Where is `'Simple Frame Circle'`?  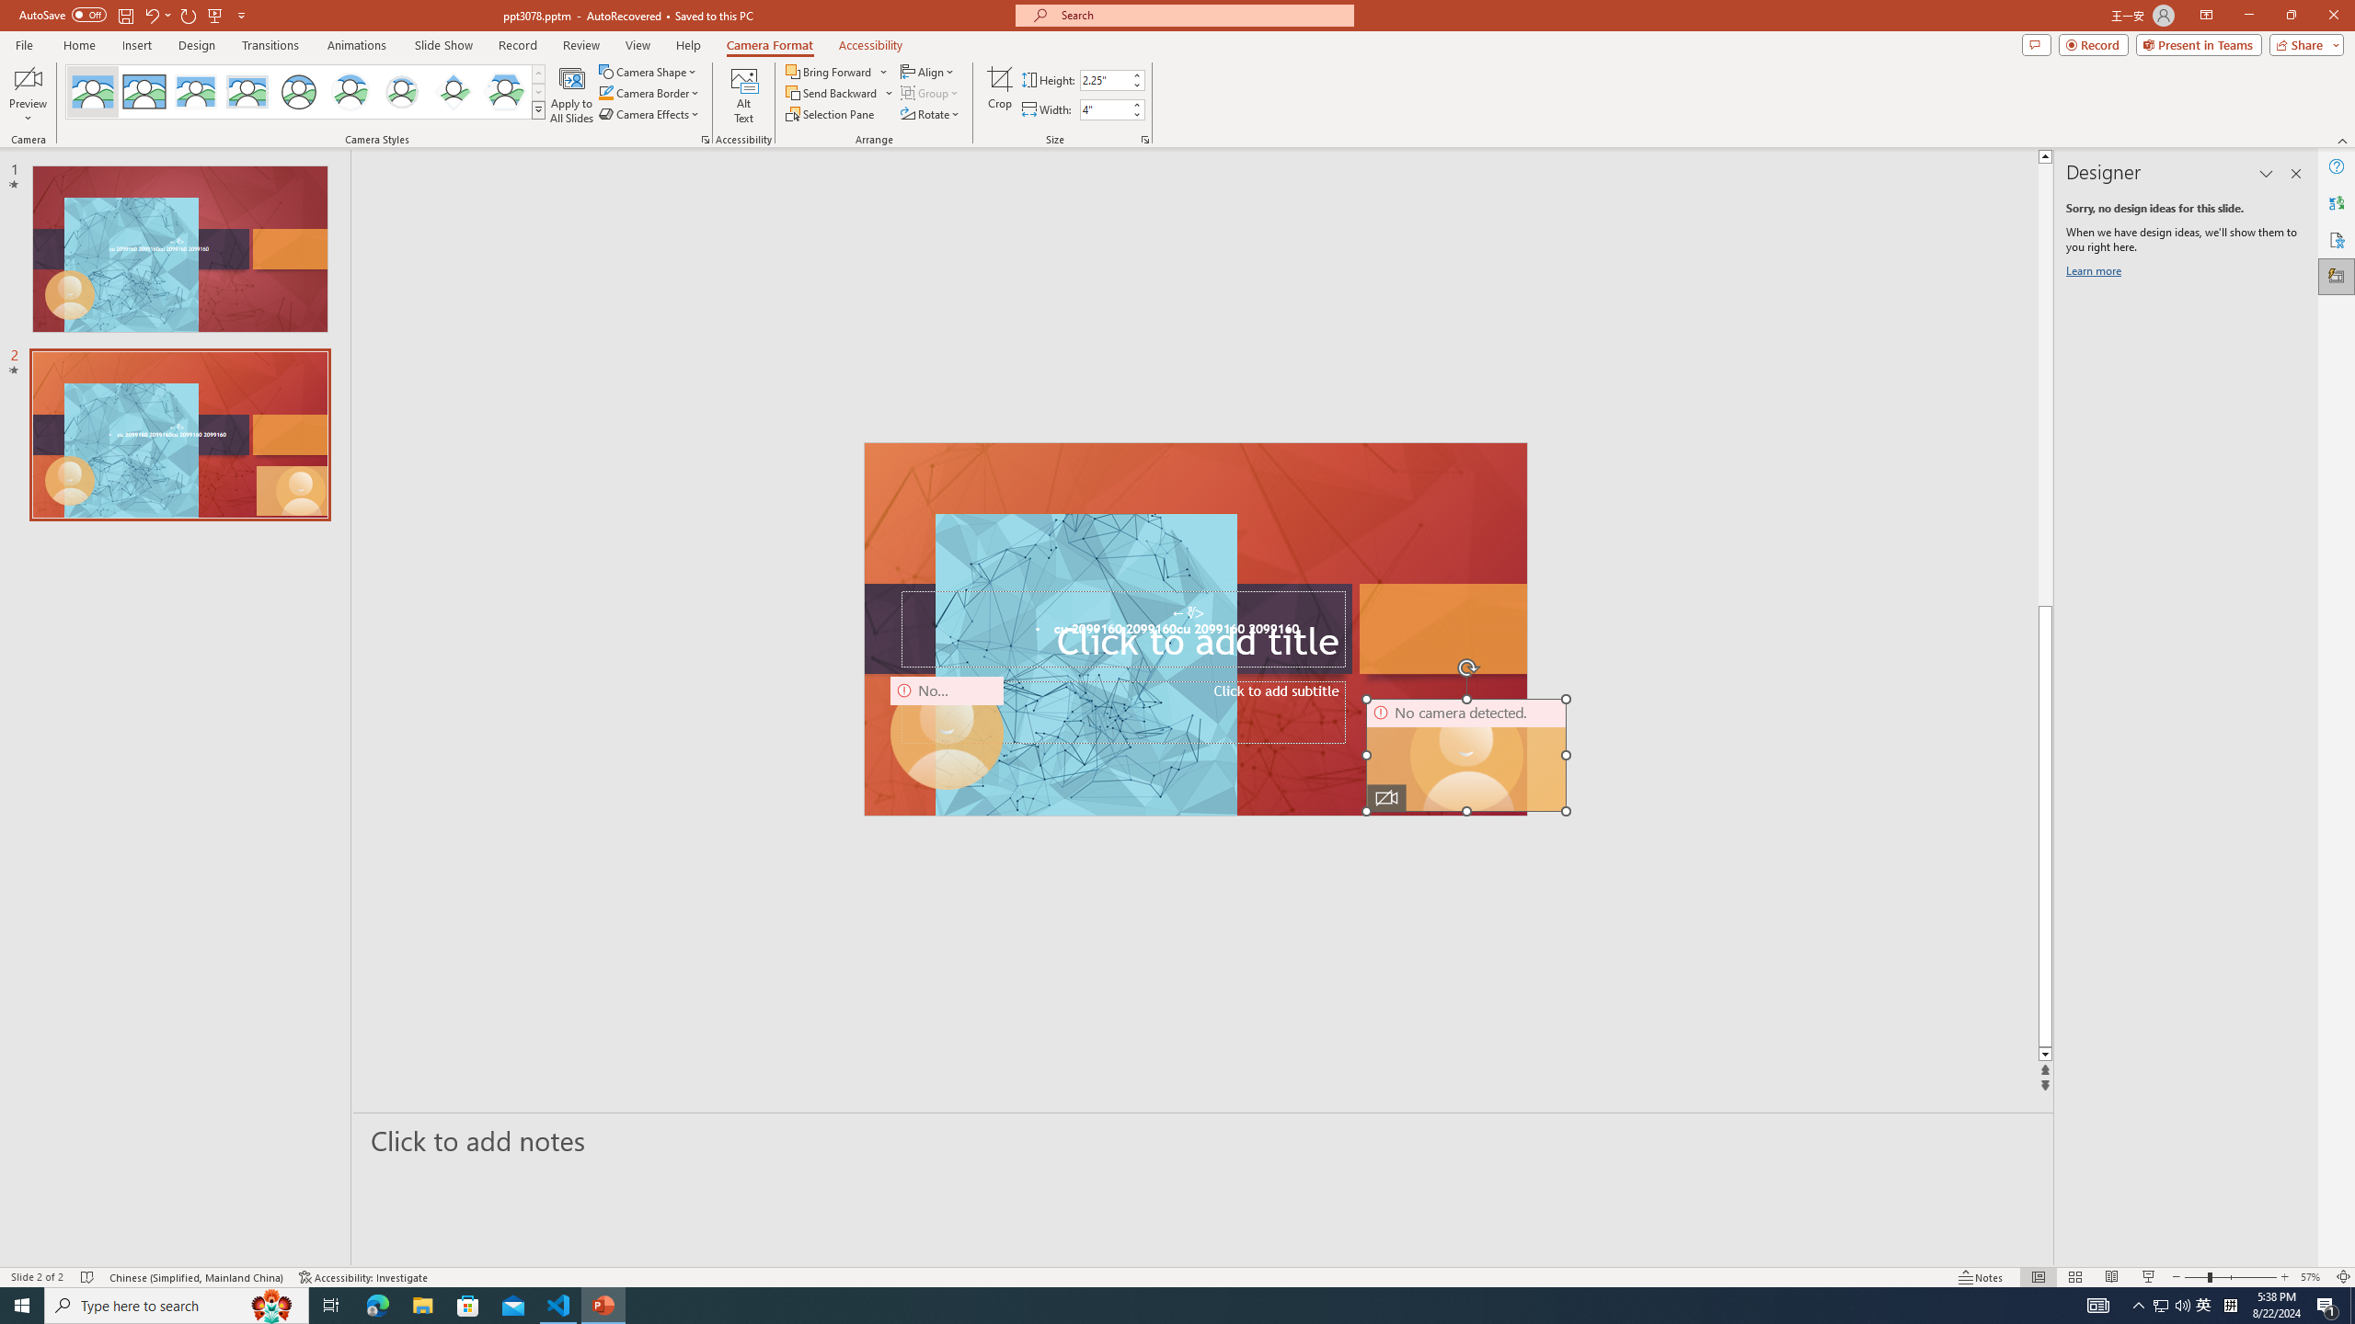 'Simple Frame Circle' is located at coordinates (299, 91).